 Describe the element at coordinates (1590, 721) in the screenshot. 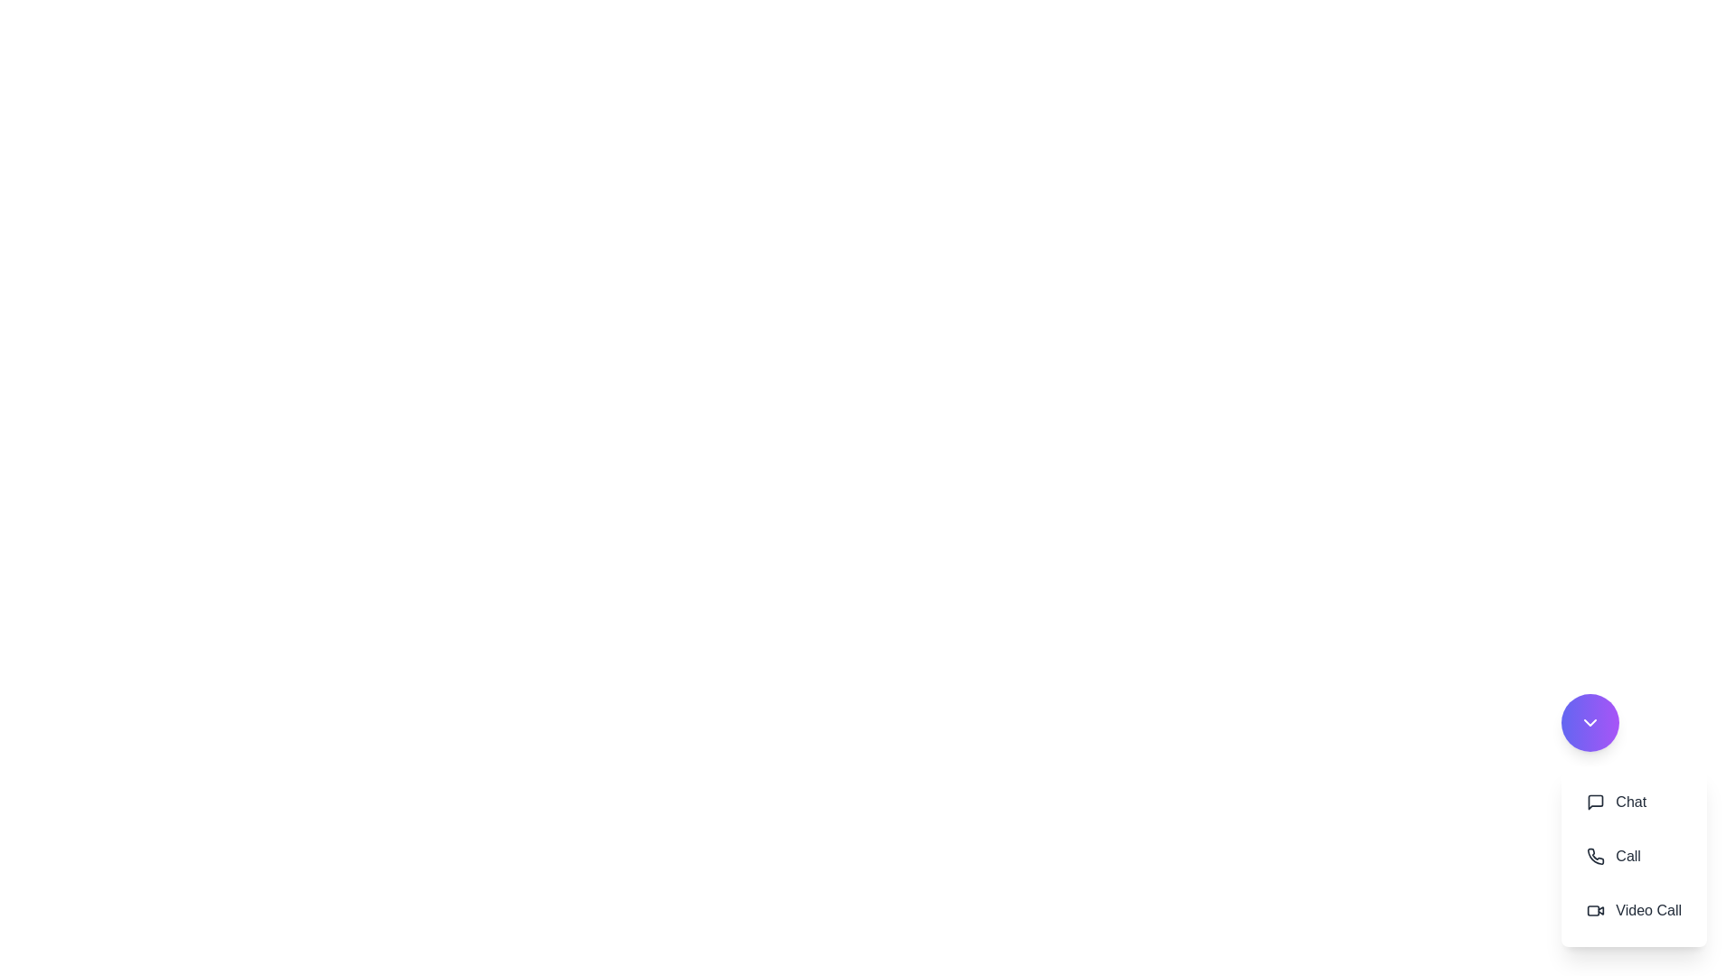

I see `the speed dial button to toggle the menu` at that location.